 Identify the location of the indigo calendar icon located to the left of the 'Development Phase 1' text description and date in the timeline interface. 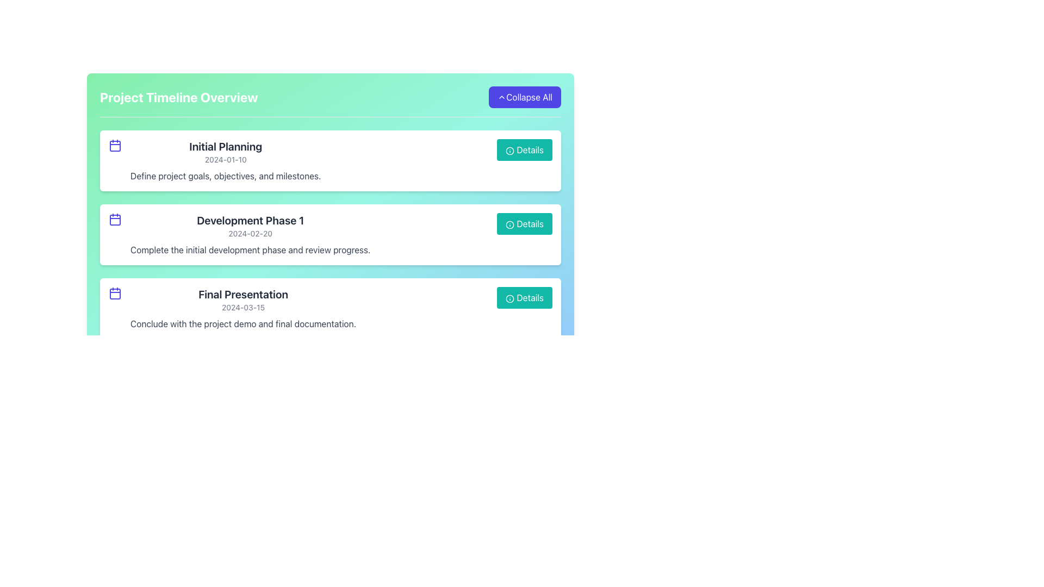
(115, 220).